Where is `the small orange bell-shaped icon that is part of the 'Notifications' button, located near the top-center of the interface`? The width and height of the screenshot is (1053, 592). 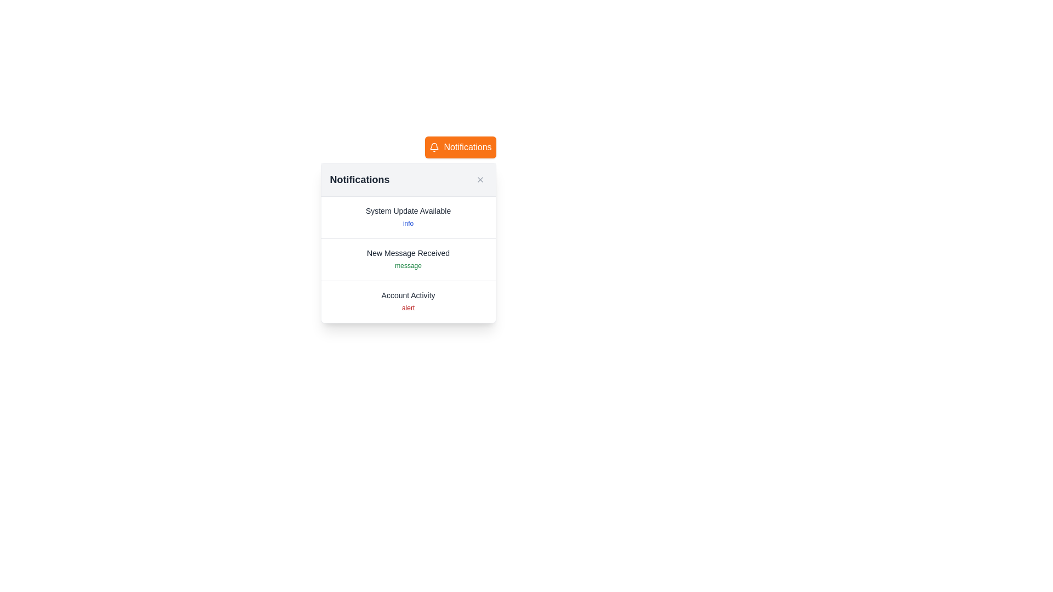
the small orange bell-shaped icon that is part of the 'Notifications' button, located near the top-center of the interface is located at coordinates (434, 147).